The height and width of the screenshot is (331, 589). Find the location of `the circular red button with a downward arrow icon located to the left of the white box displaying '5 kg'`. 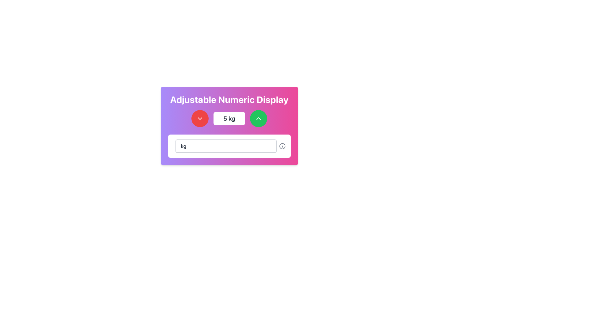

the circular red button with a downward arrow icon located to the left of the white box displaying '5 kg' is located at coordinates (200, 118).